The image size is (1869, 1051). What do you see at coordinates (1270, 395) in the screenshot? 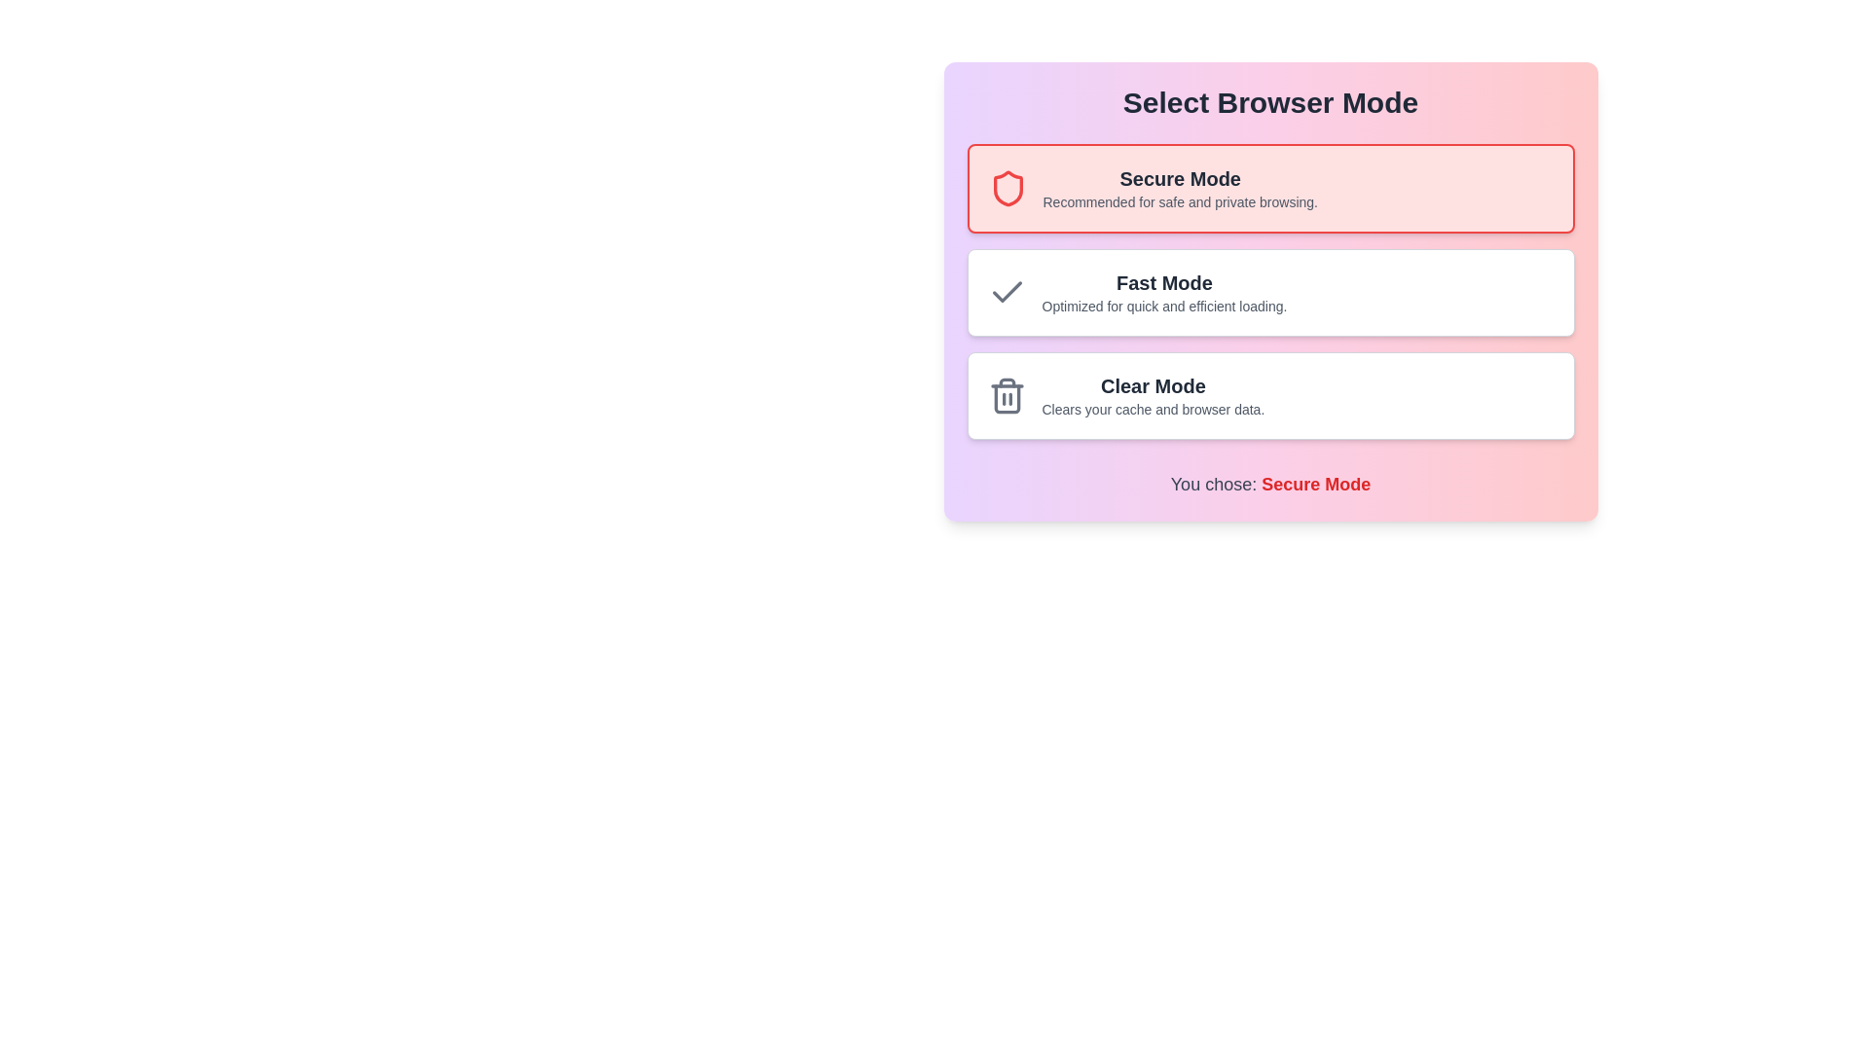
I see `the 'Clear Mode' selectable panel` at bounding box center [1270, 395].